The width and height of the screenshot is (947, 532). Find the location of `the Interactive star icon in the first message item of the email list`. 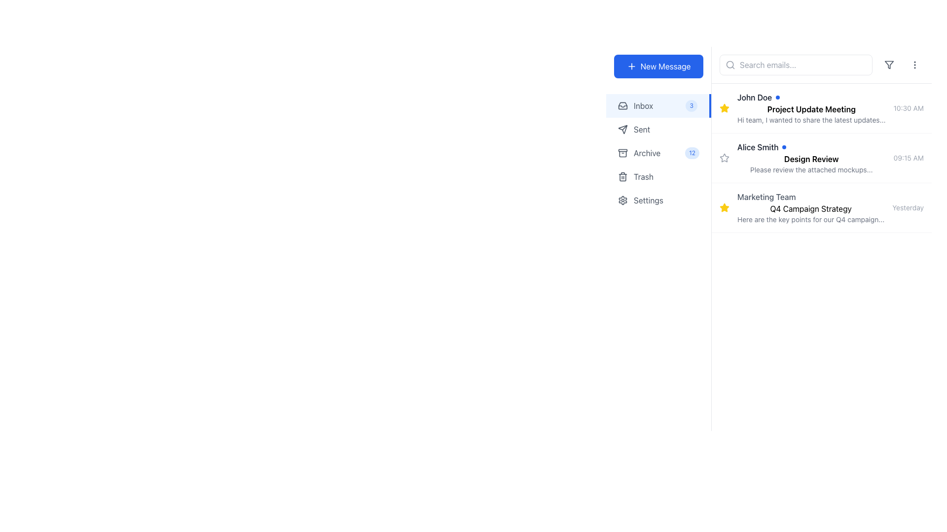

the Interactive star icon in the first message item of the email list is located at coordinates (724, 108).